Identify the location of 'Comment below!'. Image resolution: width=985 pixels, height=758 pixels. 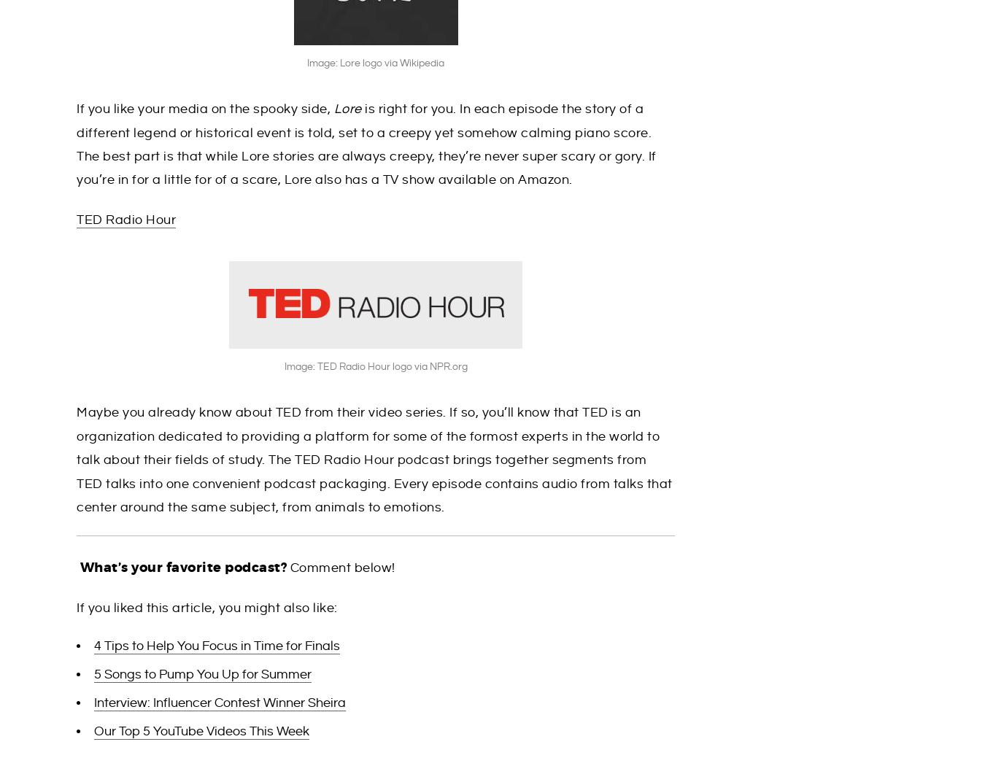
(286, 567).